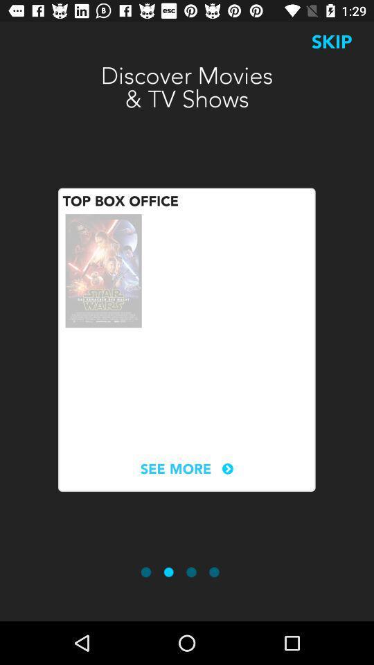 The width and height of the screenshot is (374, 665). I want to click on the skip icon, so click(331, 41).